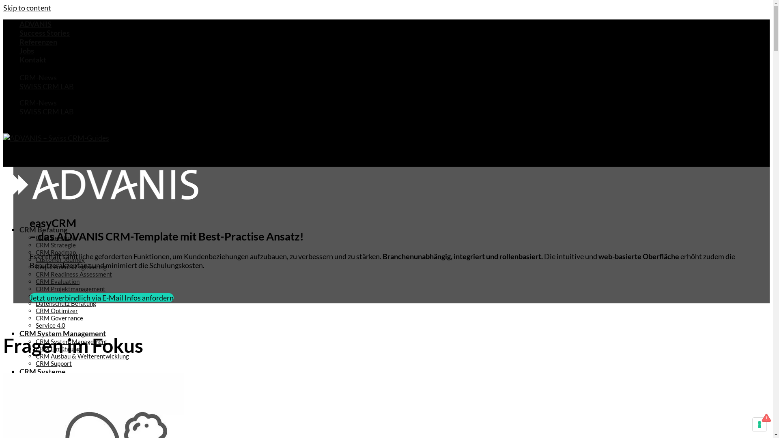 The width and height of the screenshot is (779, 438). What do you see at coordinates (53, 363) in the screenshot?
I see `'CRM Support'` at bounding box center [53, 363].